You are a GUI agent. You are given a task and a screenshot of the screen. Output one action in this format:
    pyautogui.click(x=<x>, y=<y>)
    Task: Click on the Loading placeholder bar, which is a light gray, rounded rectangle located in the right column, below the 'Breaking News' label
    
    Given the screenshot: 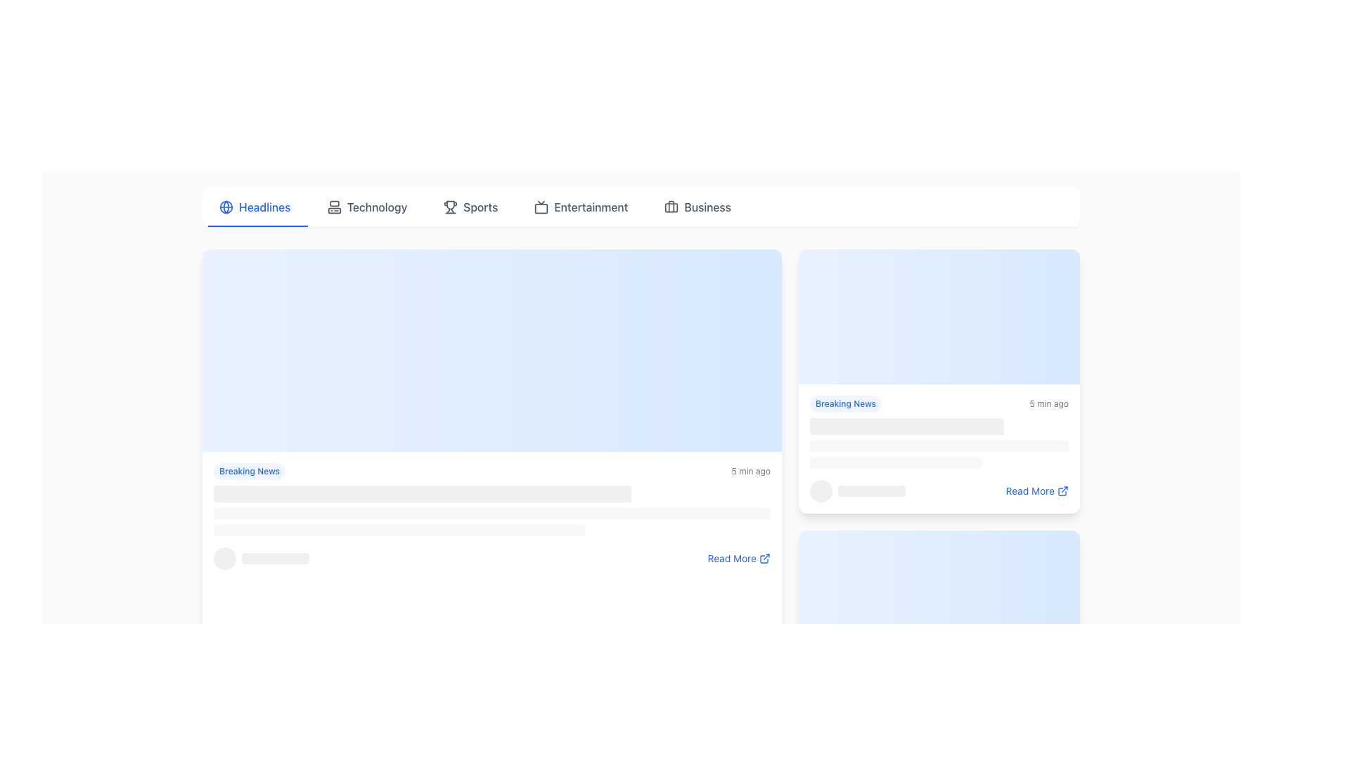 What is the action you would take?
    pyautogui.click(x=895, y=463)
    